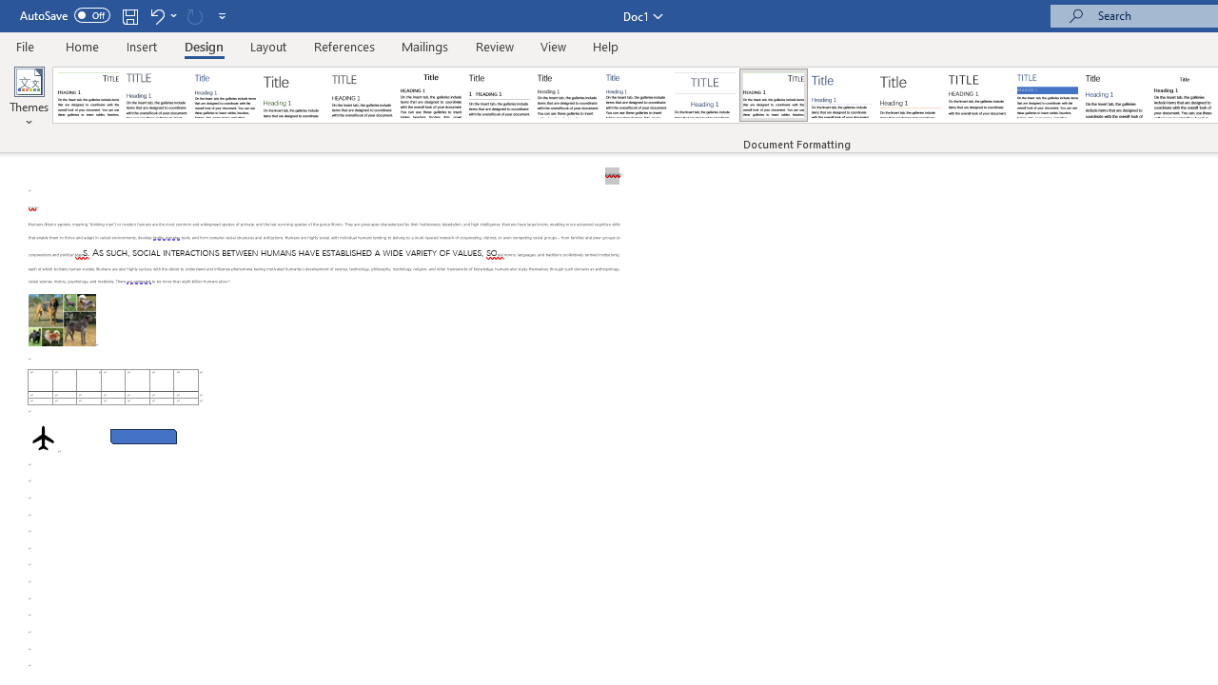 Image resolution: width=1218 pixels, height=685 pixels. I want to click on 'Basic (Stylish)', so click(293, 95).